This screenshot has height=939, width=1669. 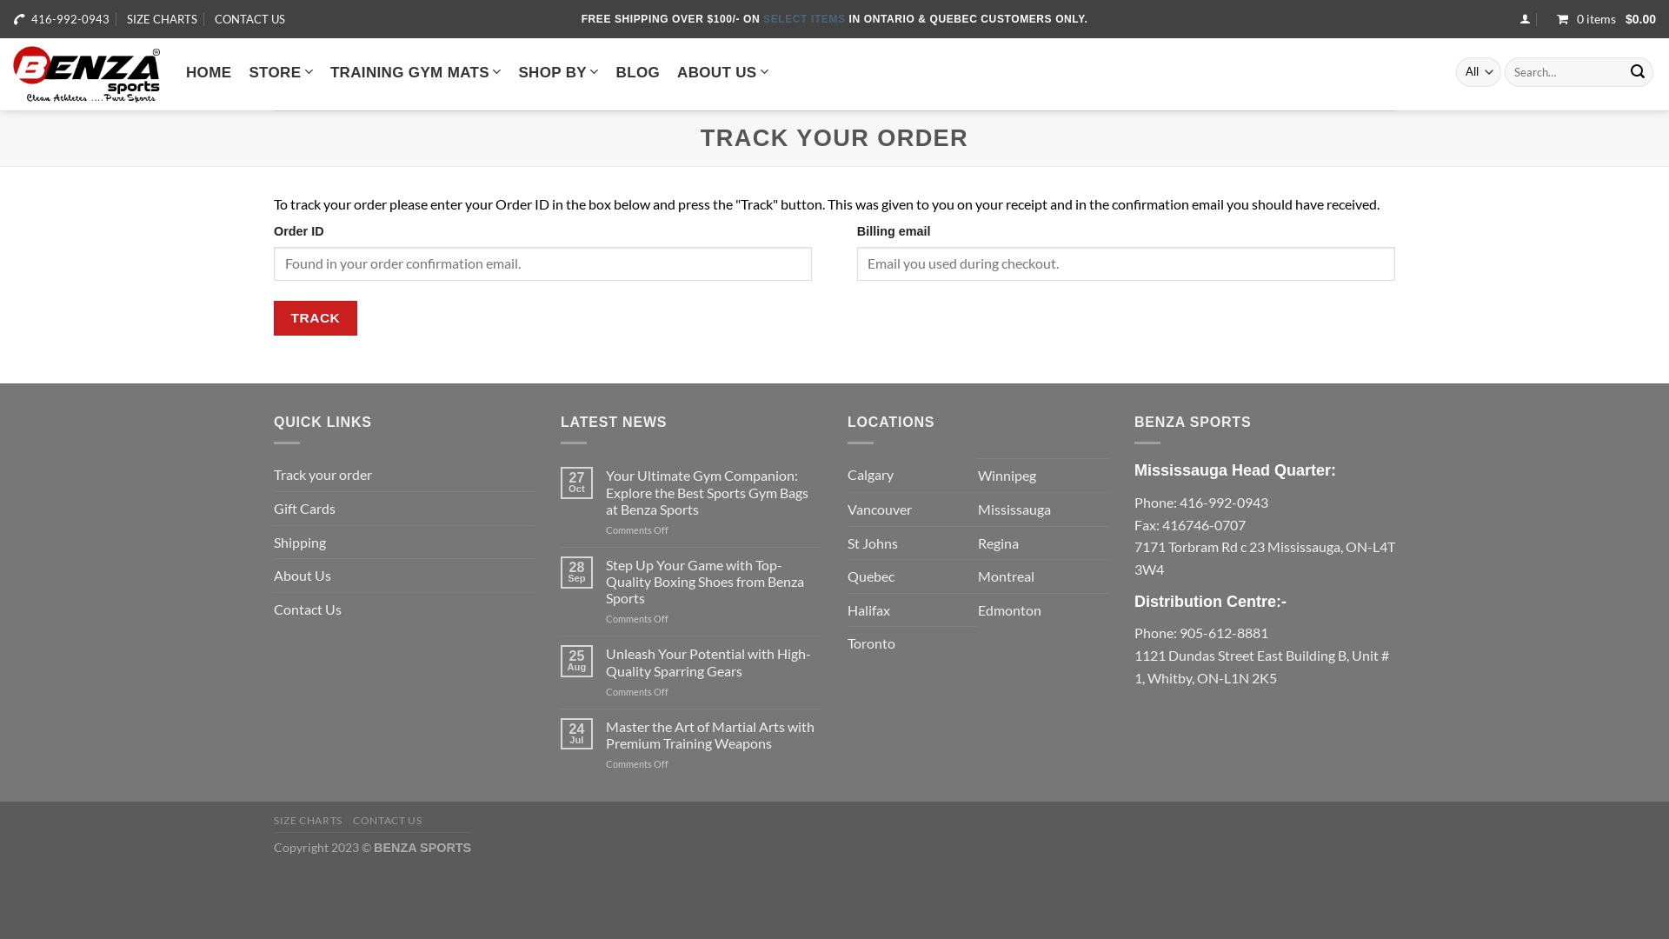 I want to click on 'Search', so click(x=1636, y=71).